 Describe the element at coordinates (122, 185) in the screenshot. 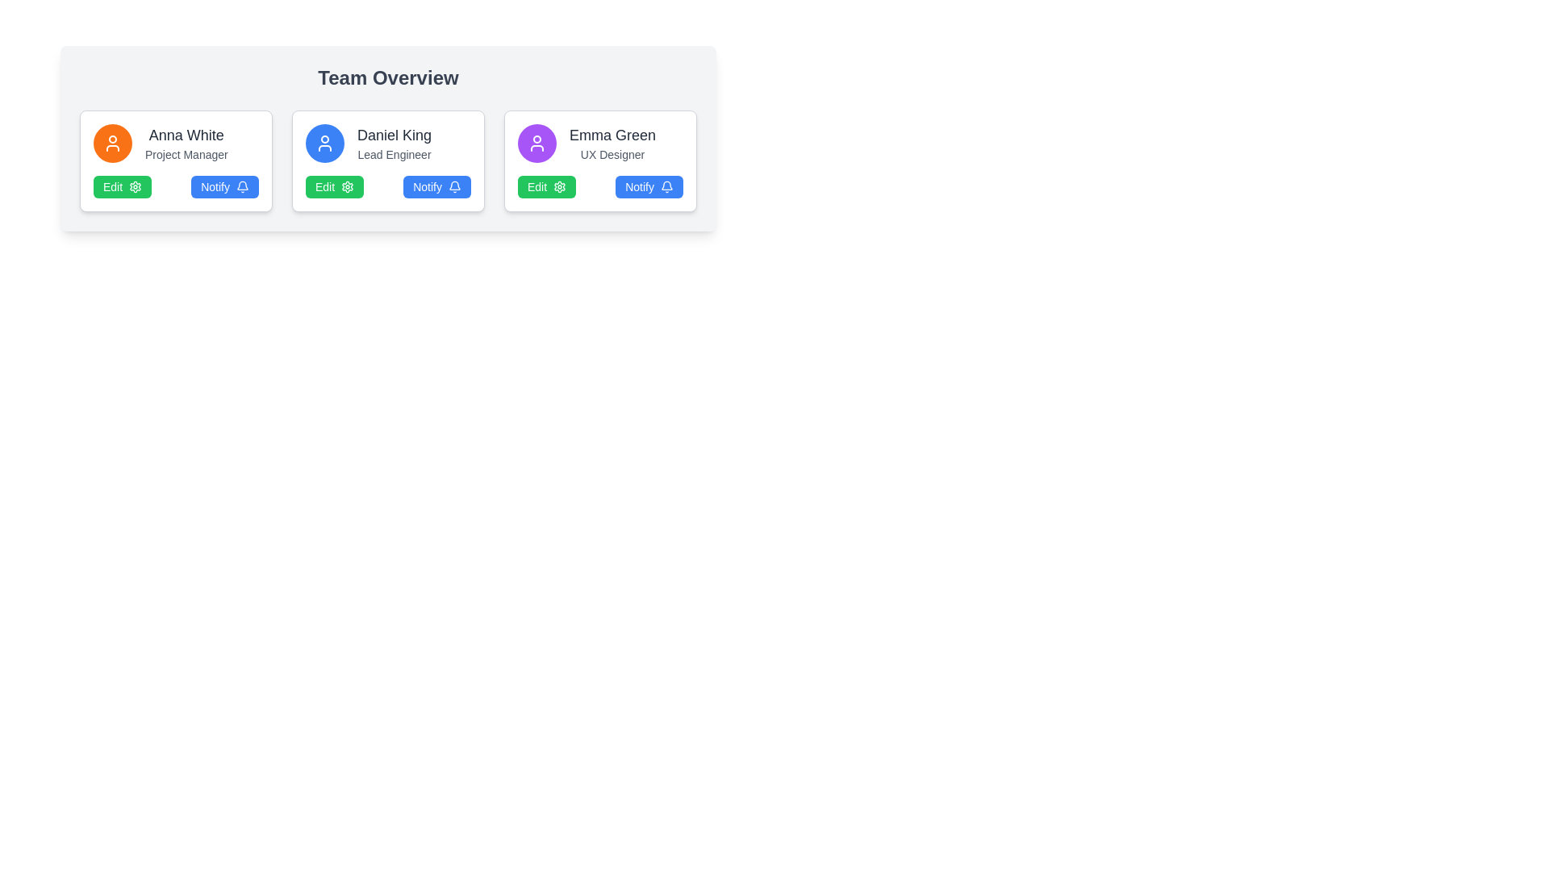

I see `the 'Edit' button located to the left of the 'Notify' button in the card labeled 'Anna White' to trigger the hover effect` at that location.